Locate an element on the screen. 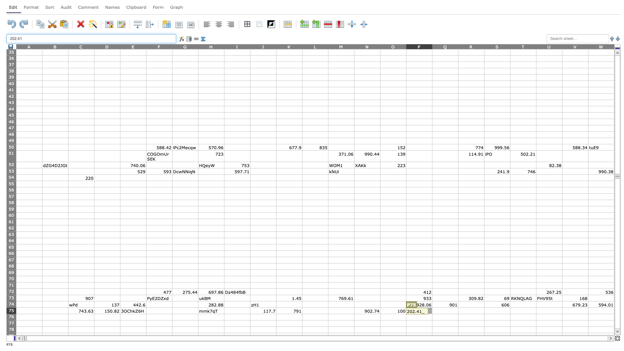  Place cursor on top left corner of R75 is located at coordinates (458, 307).